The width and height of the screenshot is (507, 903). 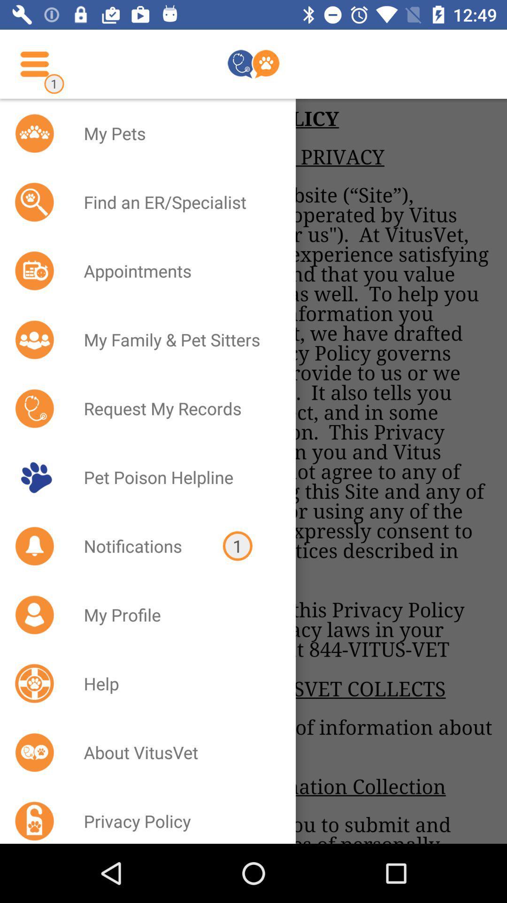 I want to click on the 1 item, so click(x=237, y=546).